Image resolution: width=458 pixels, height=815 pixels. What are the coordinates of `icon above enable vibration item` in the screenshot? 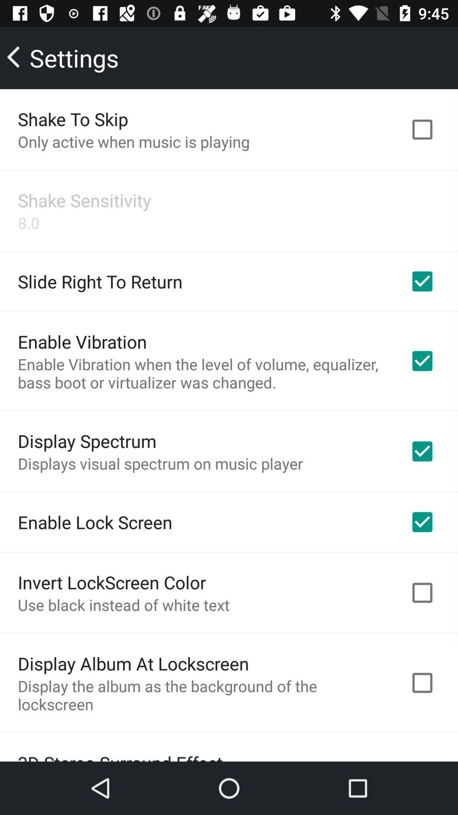 It's located at (100, 281).